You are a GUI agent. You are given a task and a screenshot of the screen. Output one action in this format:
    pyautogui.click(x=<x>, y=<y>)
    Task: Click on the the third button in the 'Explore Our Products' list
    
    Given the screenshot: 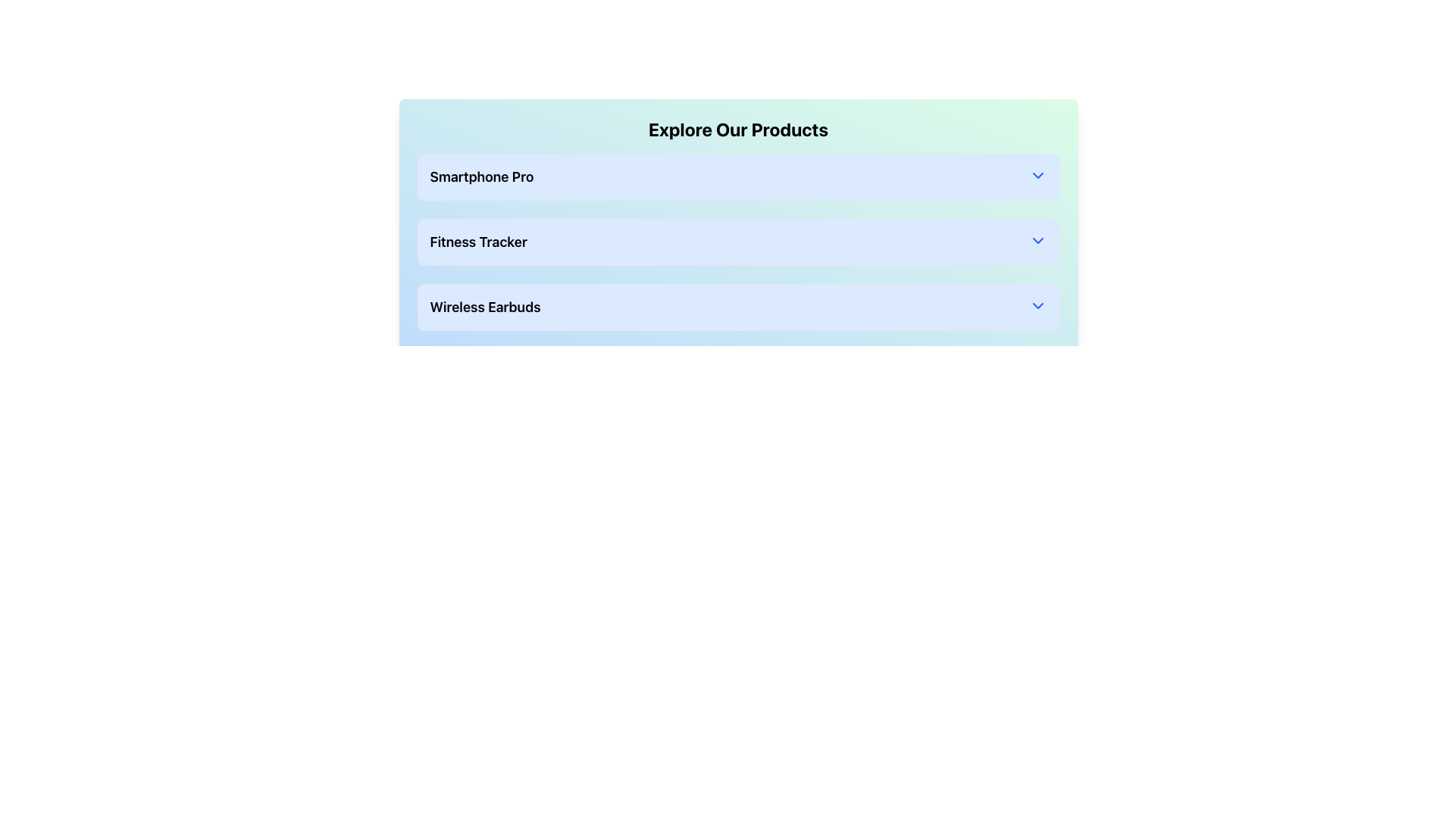 What is the action you would take?
    pyautogui.click(x=738, y=307)
    